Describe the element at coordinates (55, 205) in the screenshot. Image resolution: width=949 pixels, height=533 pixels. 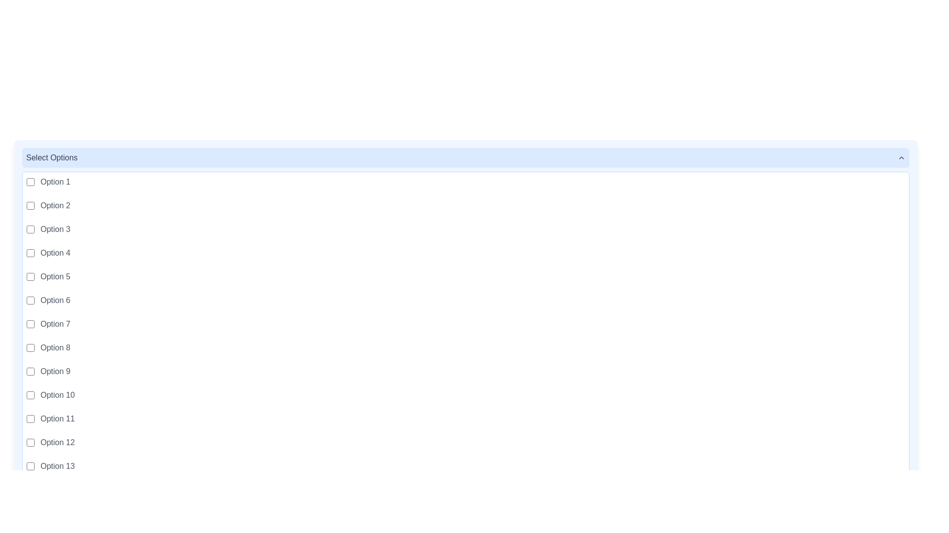
I see `the label 'Option 2' which provides a description for the corresponding checkbox in the multi-select list` at that location.